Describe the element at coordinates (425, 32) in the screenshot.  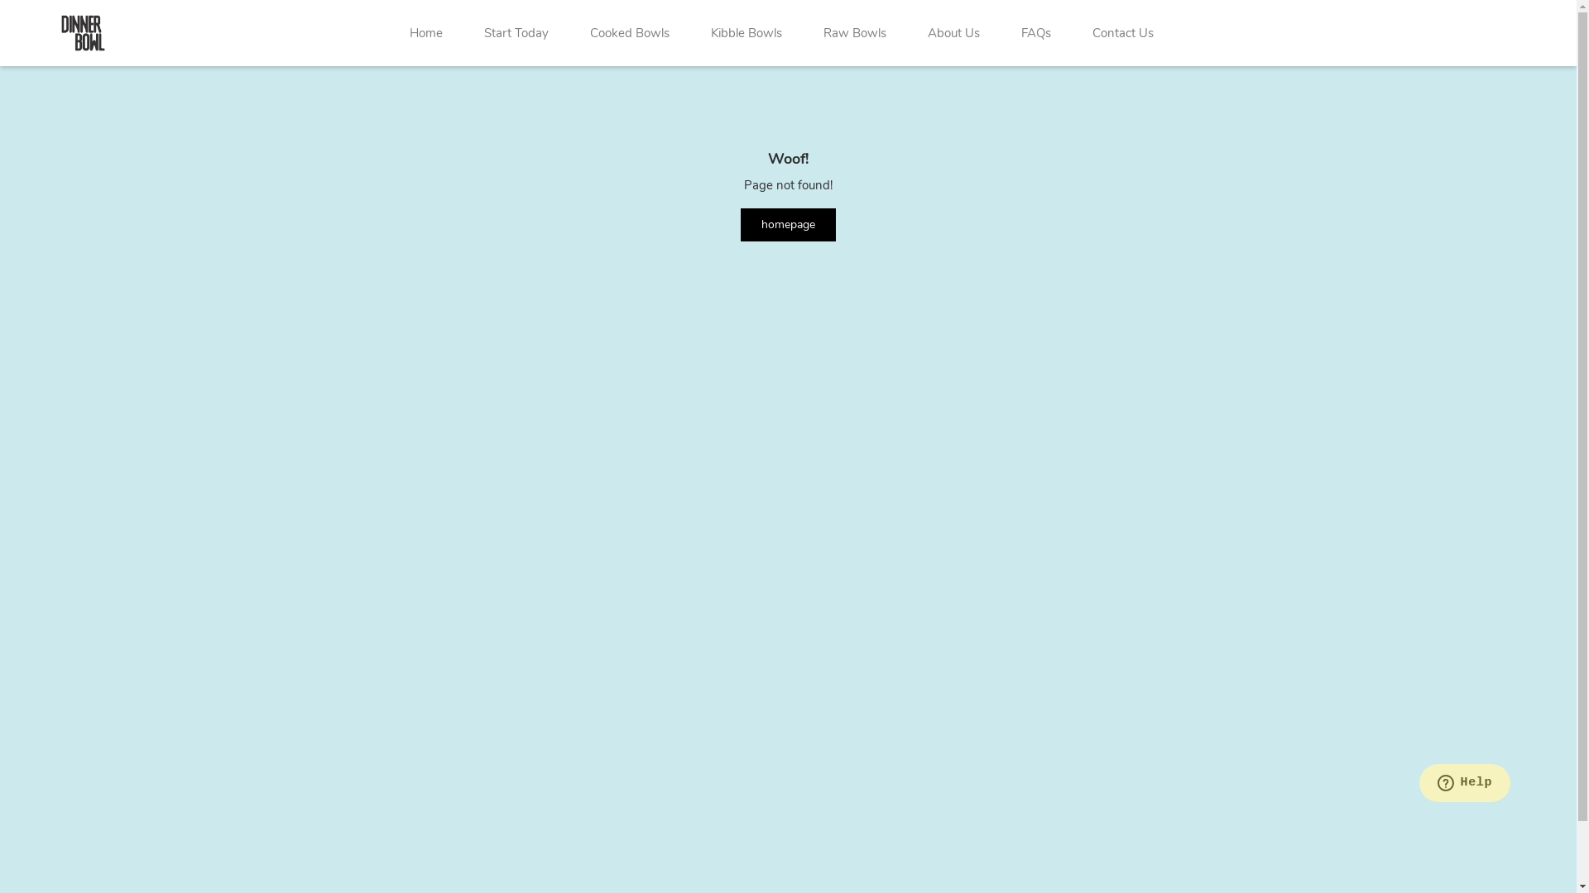
I see `'Home'` at that location.